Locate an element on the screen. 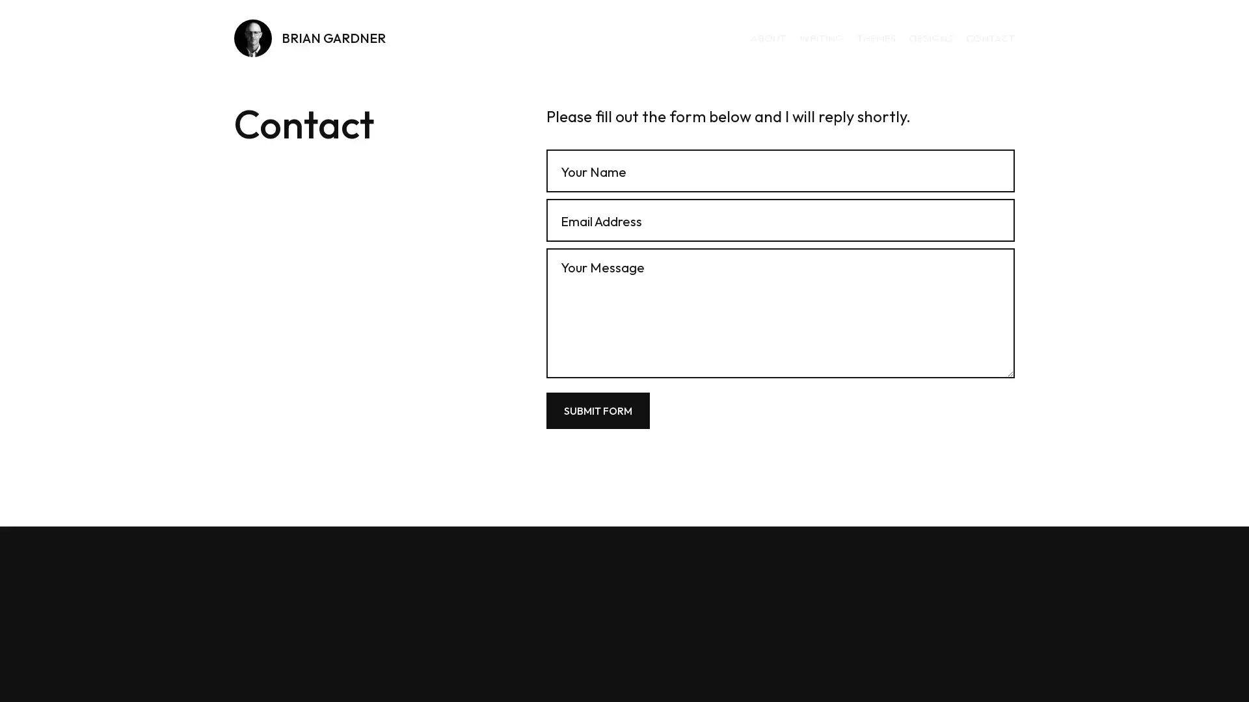  Submit Form is located at coordinates (597, 411).